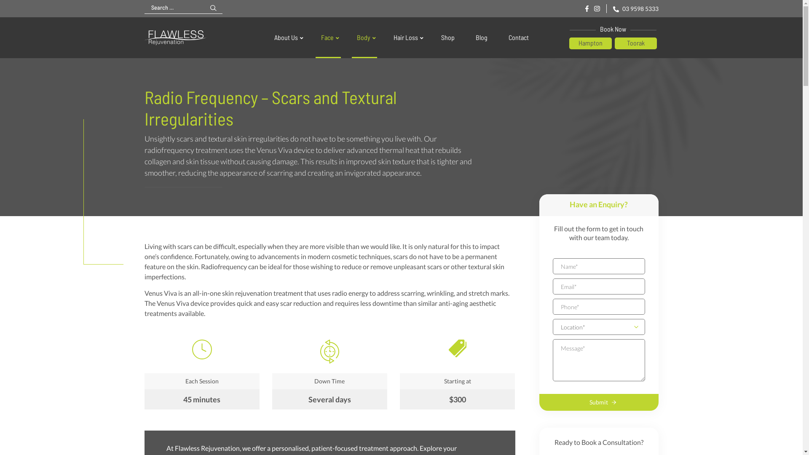 This screenshot has width=809, height=455. I want to click on '03 9598 5333', so click(635, 8).